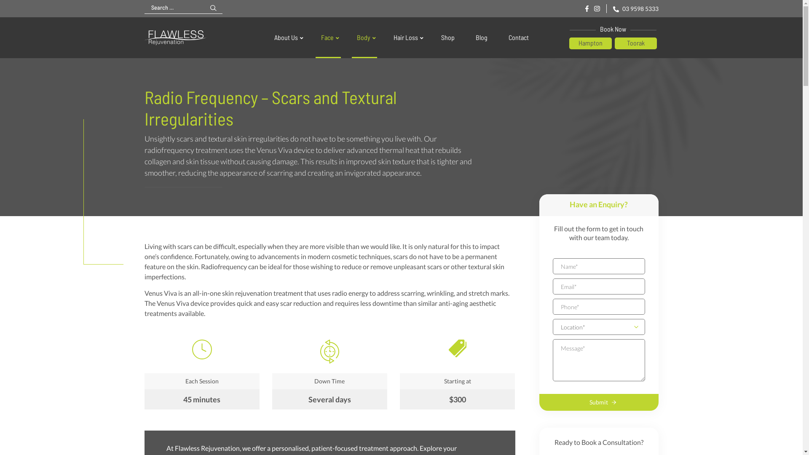 This screenshot has width=809, height=455. I want to click on '03 9598 5333', so click(635, 8).